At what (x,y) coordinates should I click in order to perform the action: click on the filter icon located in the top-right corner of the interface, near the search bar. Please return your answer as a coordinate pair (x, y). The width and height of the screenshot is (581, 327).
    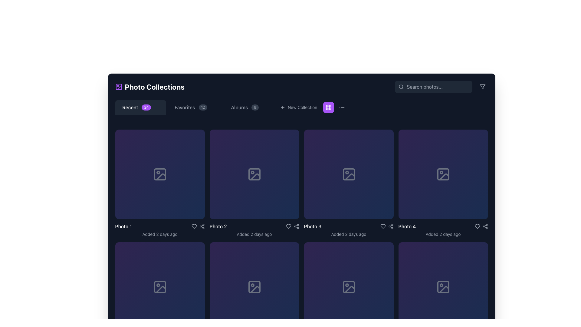
    Looking at the image, I should click on (482, 87).